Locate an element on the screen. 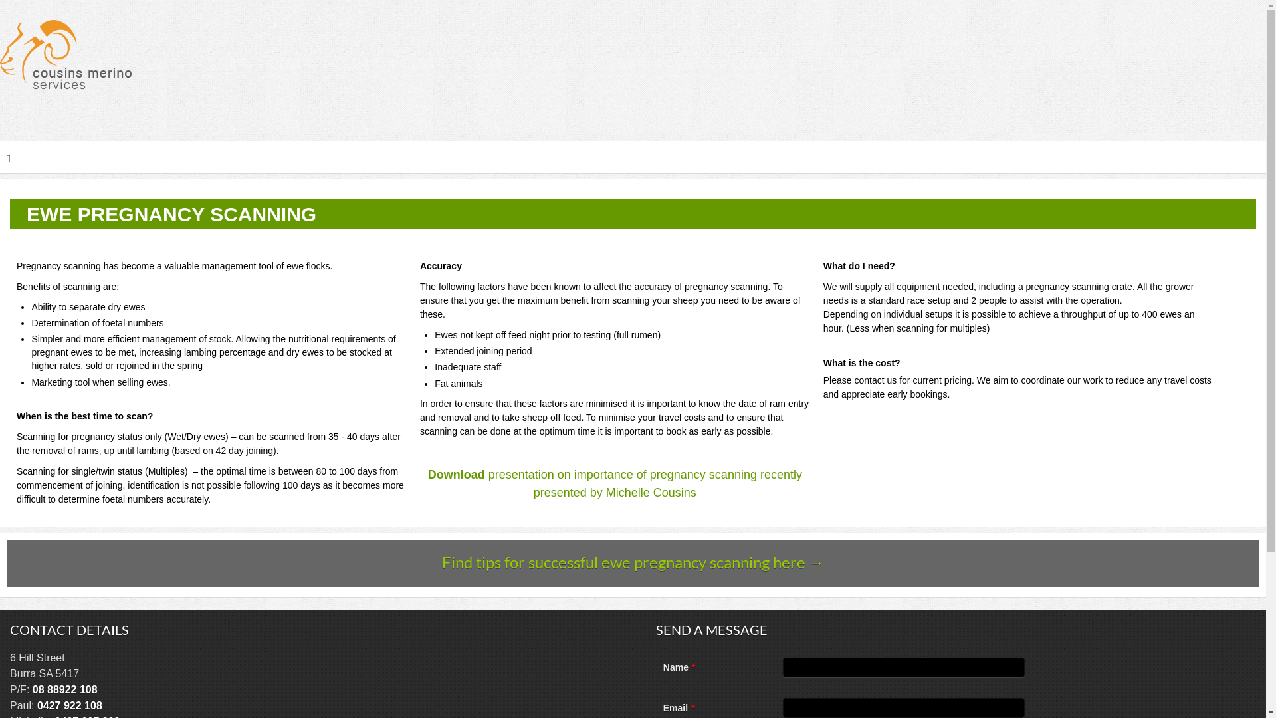  '0427 922 108' is located at coordinates (69, 705).